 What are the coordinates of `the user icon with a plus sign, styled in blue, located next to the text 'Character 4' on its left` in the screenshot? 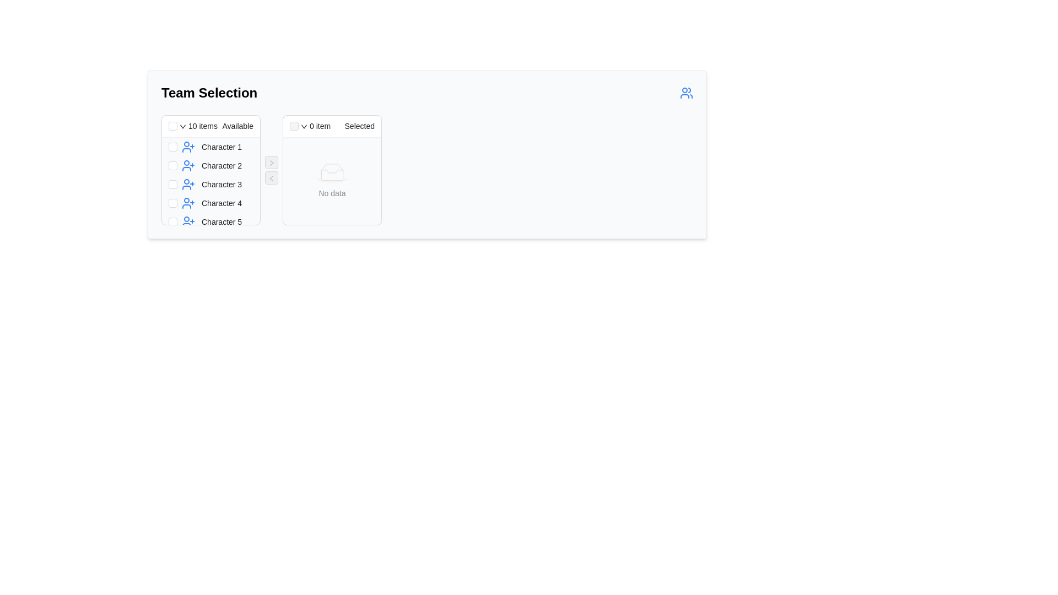 It's located at (188, 203).